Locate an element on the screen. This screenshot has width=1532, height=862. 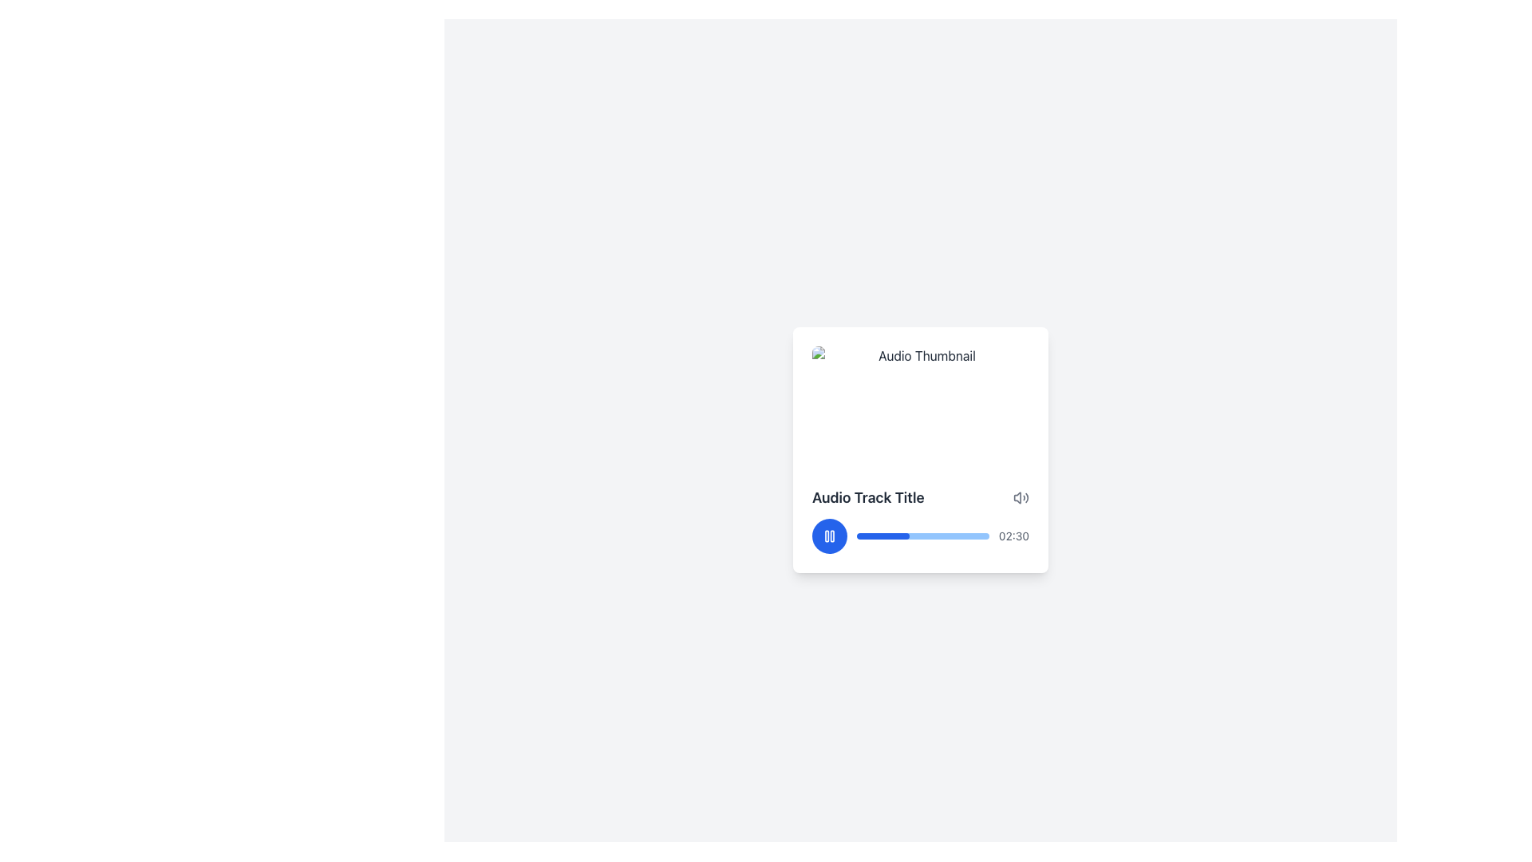
audio track progress is located at coordinates (963, 536).